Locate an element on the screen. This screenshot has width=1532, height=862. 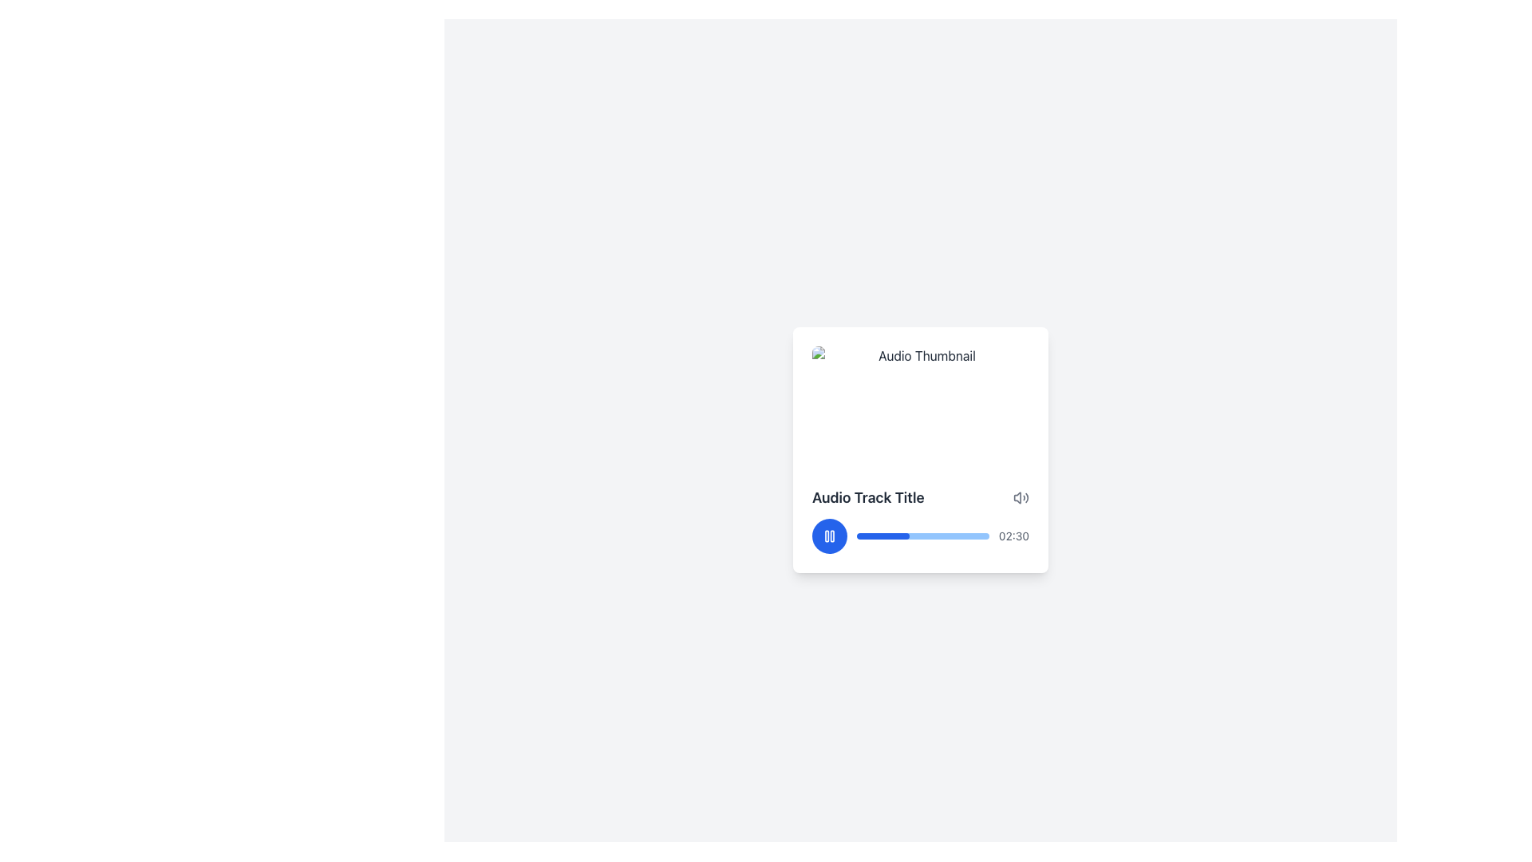
audio track progress is located at coordinates (963, 536).